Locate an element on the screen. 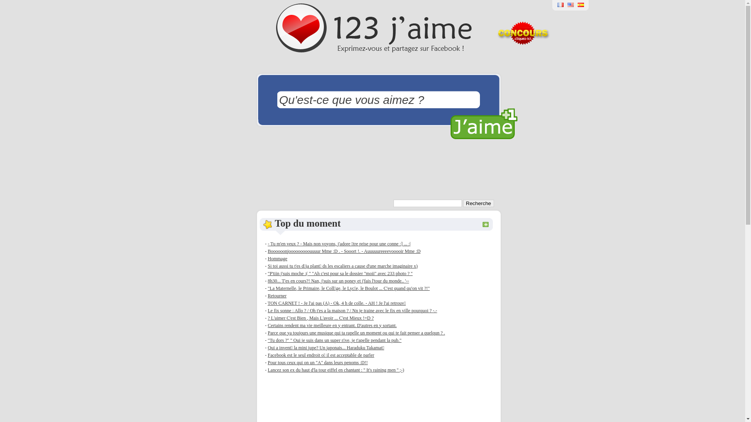  'Hommage' is located at coordinates (277, 258).